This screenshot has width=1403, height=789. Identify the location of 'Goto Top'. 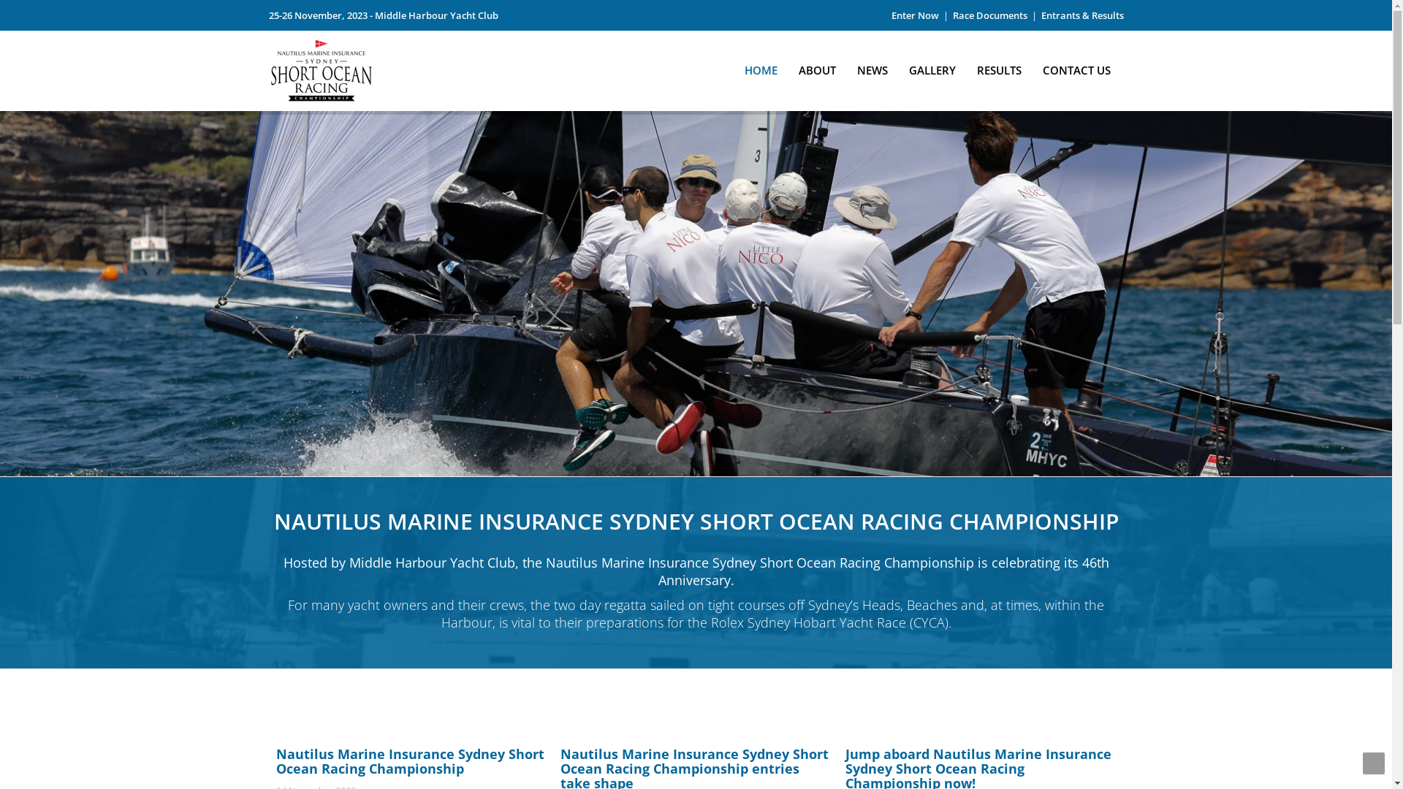
(1373, 763).